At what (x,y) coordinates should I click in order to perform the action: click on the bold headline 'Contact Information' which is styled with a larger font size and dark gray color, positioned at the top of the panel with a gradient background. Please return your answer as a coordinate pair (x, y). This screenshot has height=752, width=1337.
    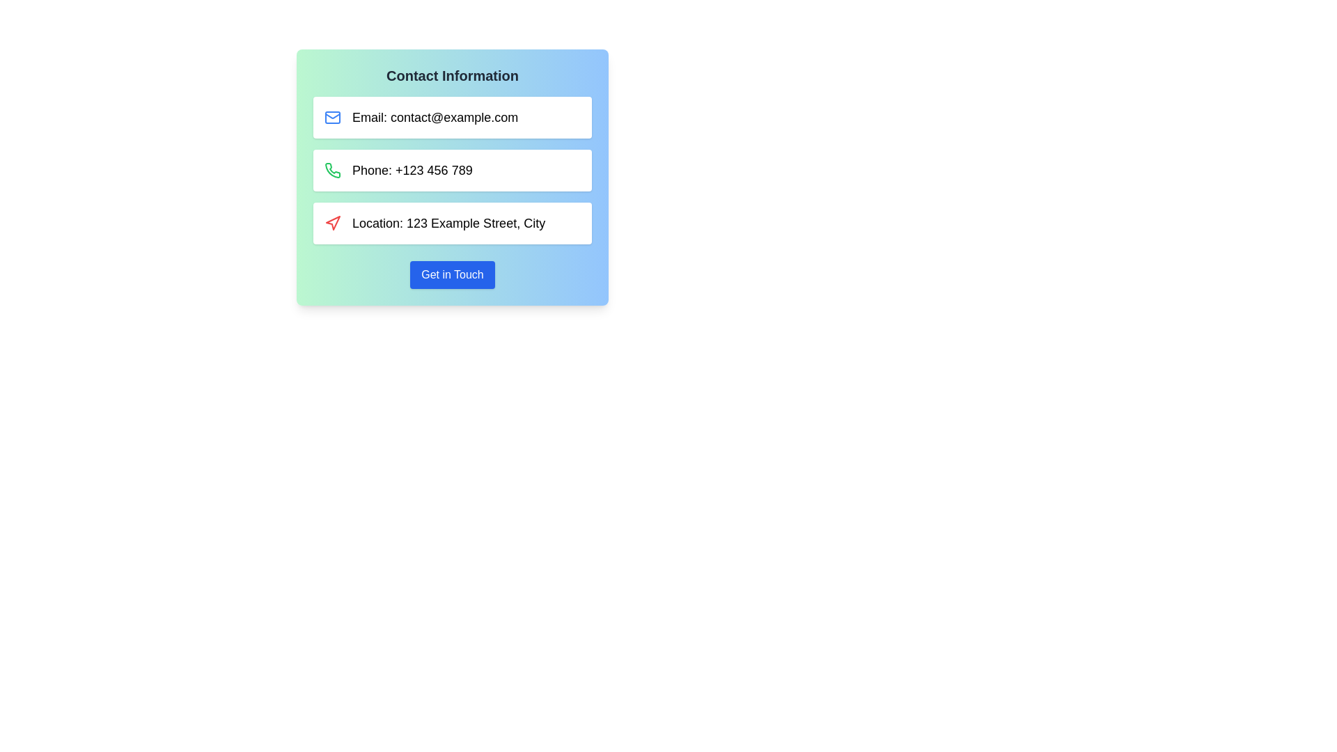
    Looking at the image, I should click on (452, 75).